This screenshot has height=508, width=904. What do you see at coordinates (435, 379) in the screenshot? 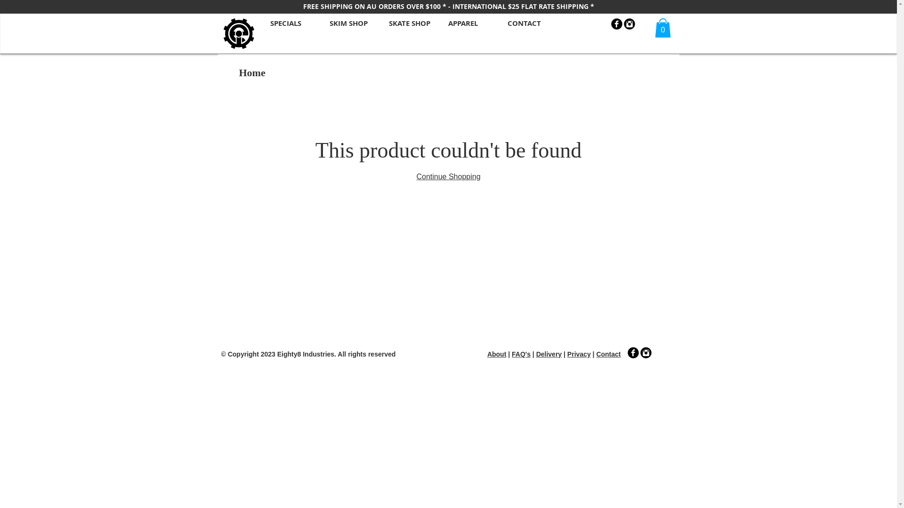
I see `'WEB-STAT'` at bounding box center [435, 379].